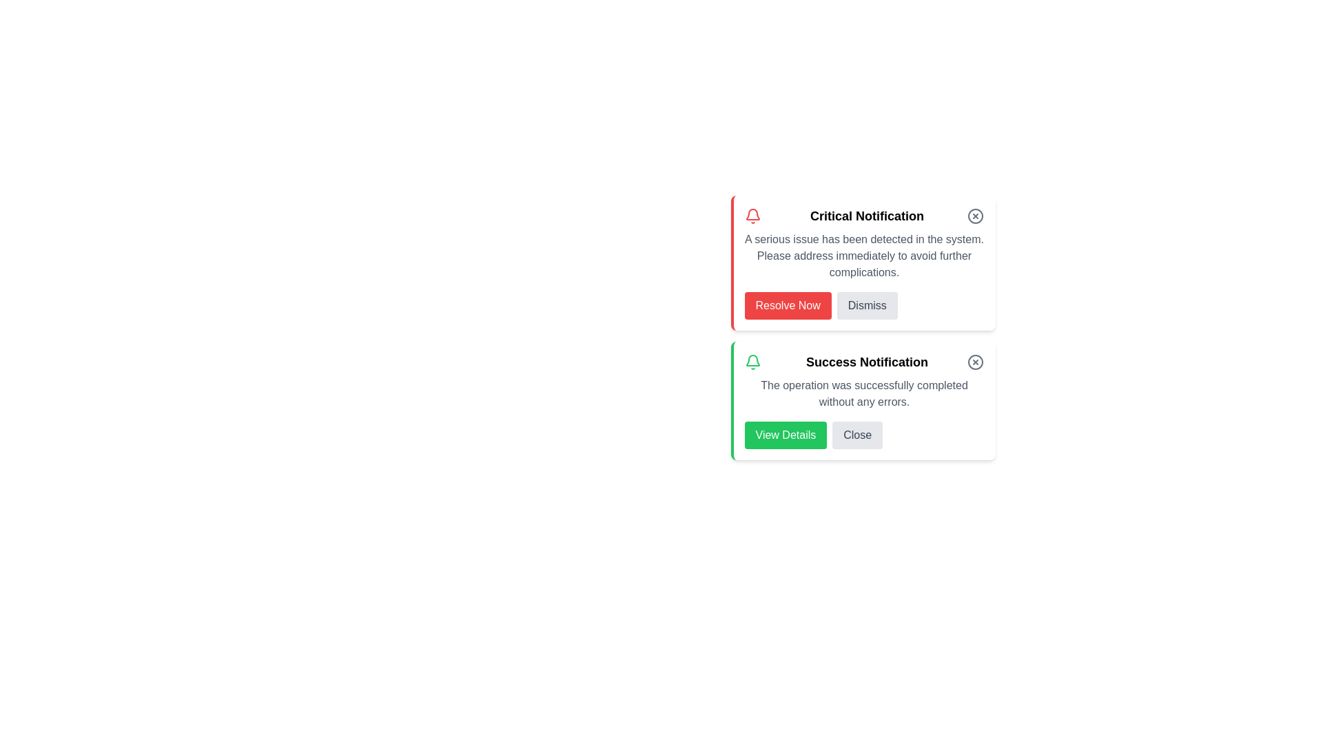  Describe the element at coordinates (975, 216) in the screenshot. I see `the small circular gray button with a cross at the top-right corner of the 'Critical Notification' alert card to trigger the hover effect that changes its color` at that location.